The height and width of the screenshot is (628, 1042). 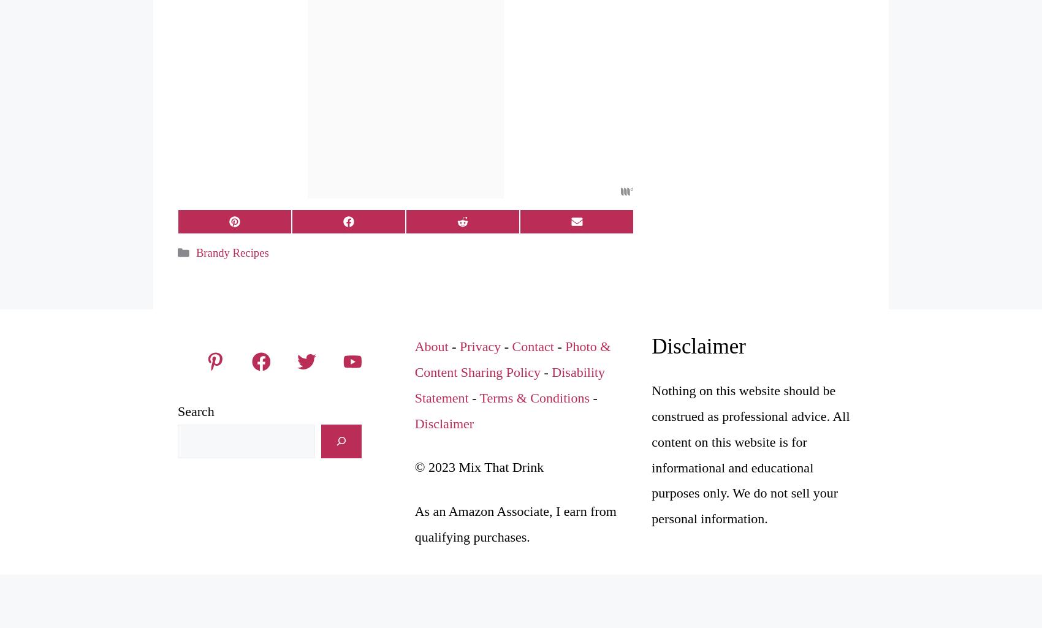 What do you see at coordinates (196, 410) in the screenshot?
I see `'Search'` at bounding box center [196, 410].